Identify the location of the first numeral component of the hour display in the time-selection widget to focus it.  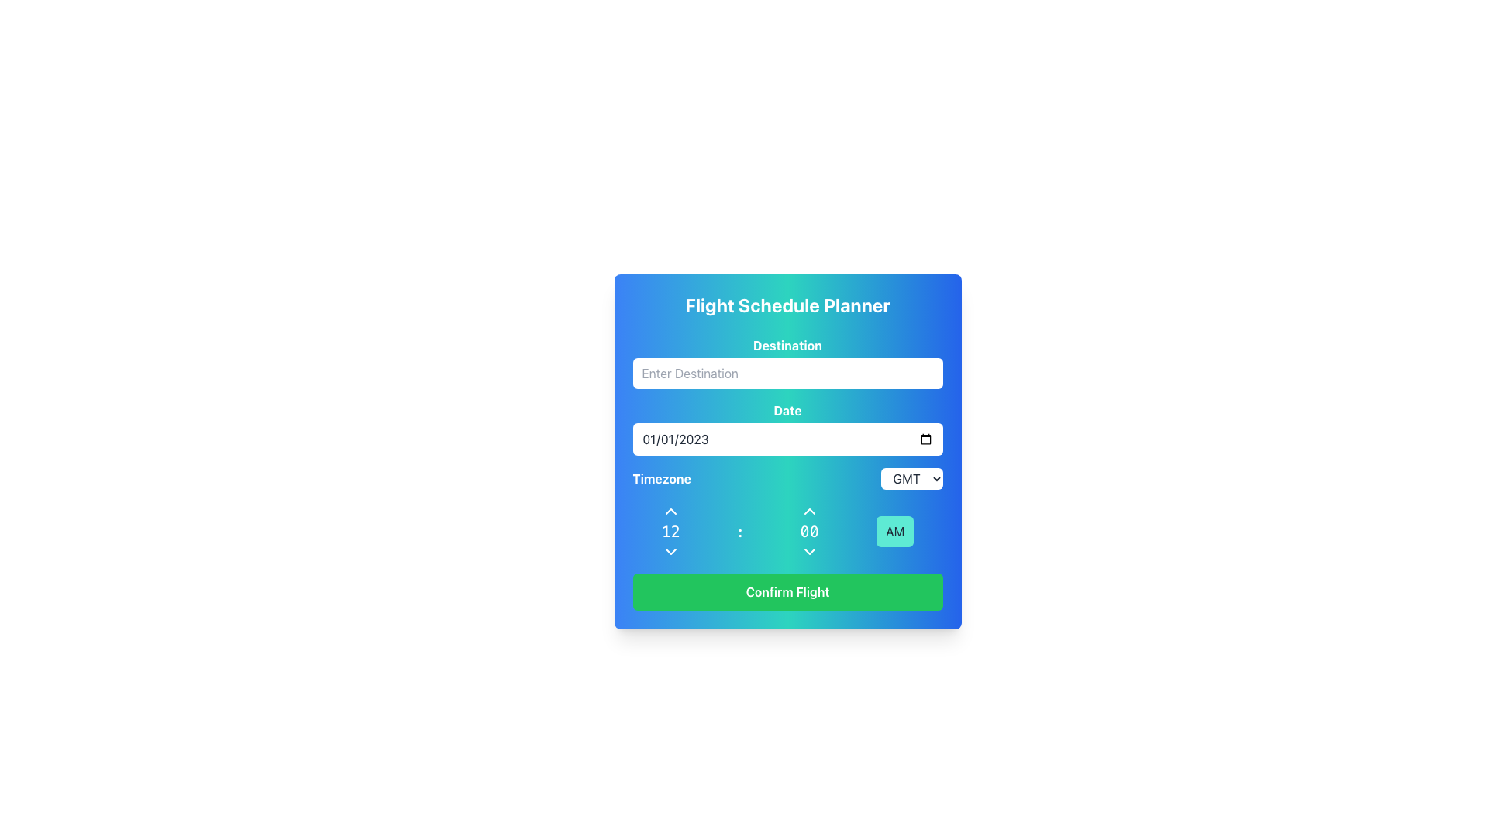
(670, 531).